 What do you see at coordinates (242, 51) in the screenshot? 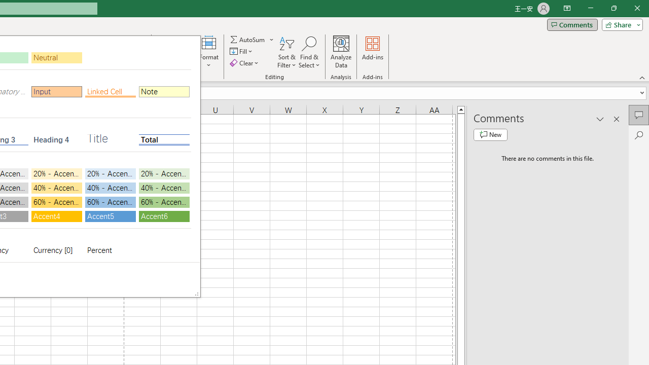
I see `'Fill'` at bounding box center [242, 51].